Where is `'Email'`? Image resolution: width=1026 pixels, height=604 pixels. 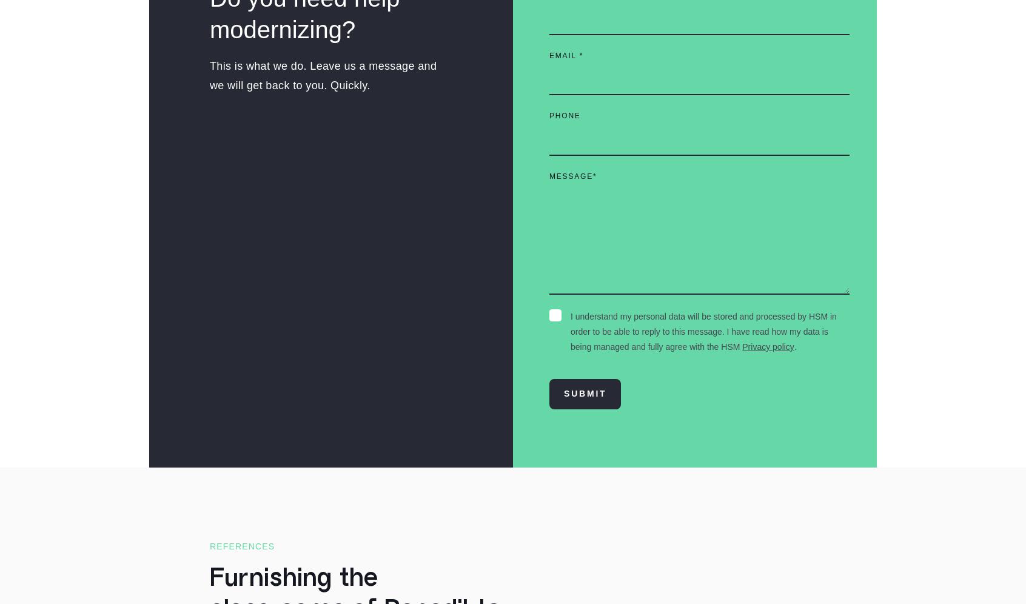
'Email' is located at coordinates (549, 55).